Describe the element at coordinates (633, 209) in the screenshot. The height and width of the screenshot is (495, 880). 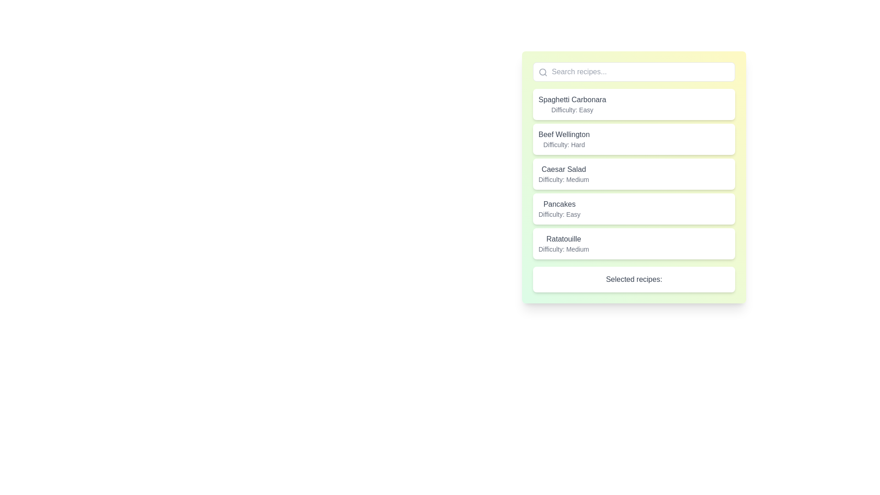
I see `the 'Pancakes' recipe card, which is the fourth item in the vertically stacked list of recipe cards` at that location.